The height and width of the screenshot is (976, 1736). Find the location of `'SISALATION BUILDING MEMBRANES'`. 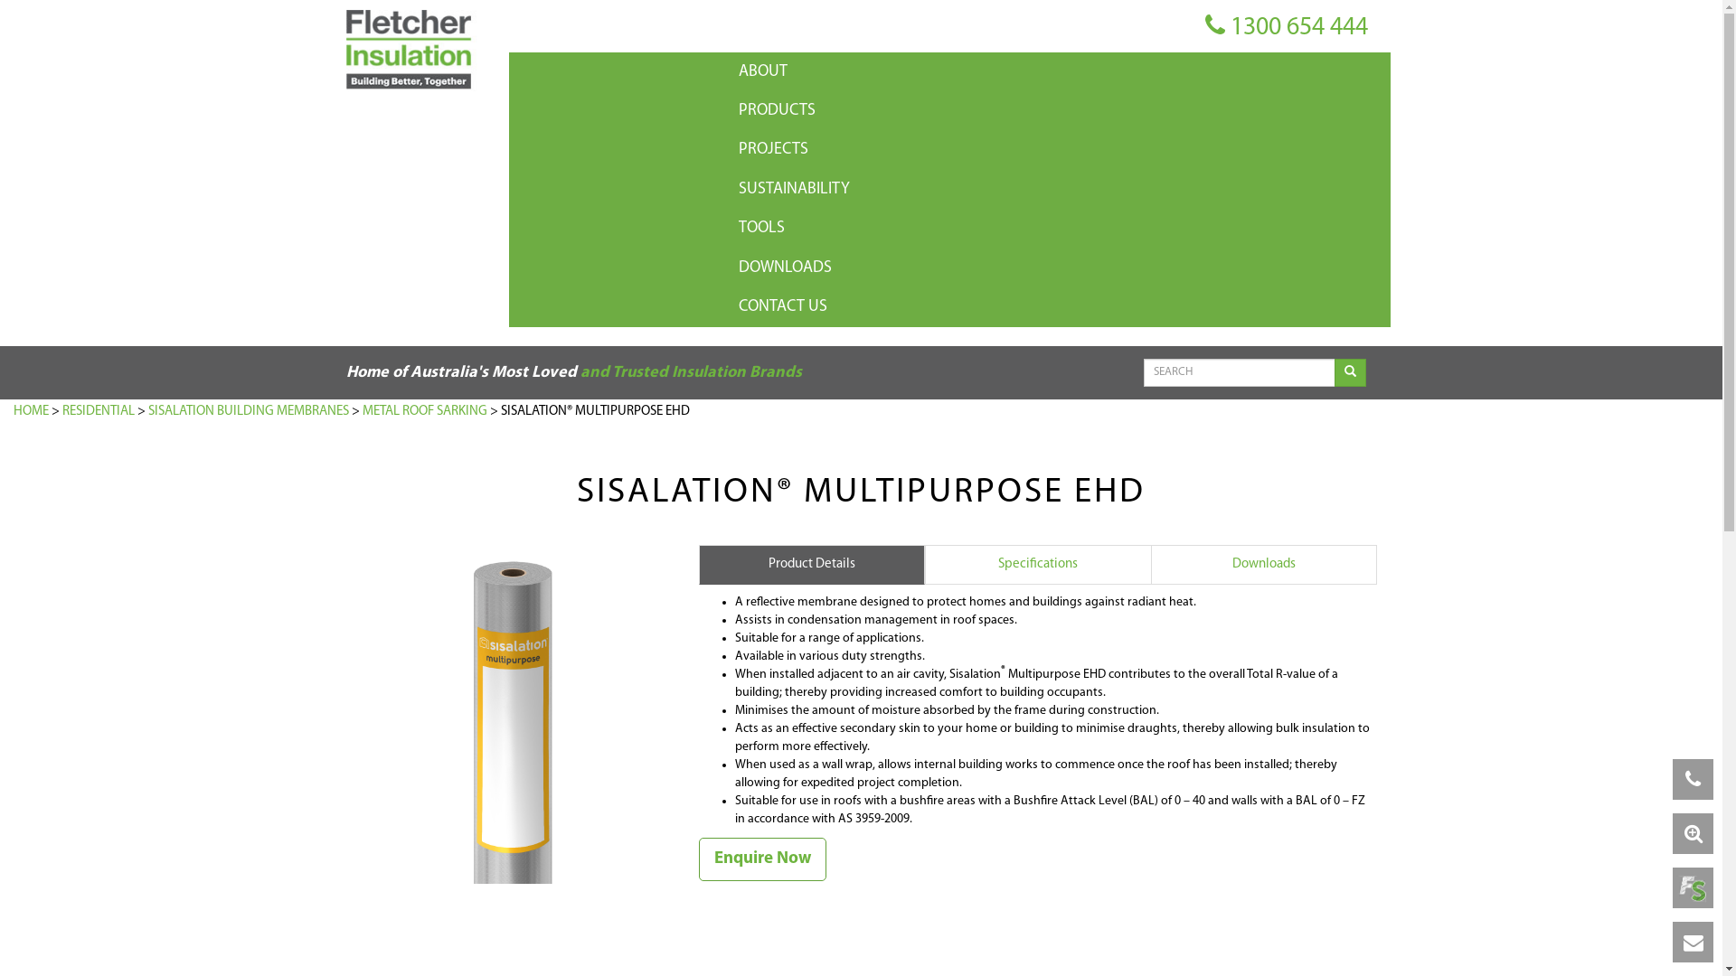

'SISALATION BUILDING MEMBRANES' is located at coordinates (247, 411).